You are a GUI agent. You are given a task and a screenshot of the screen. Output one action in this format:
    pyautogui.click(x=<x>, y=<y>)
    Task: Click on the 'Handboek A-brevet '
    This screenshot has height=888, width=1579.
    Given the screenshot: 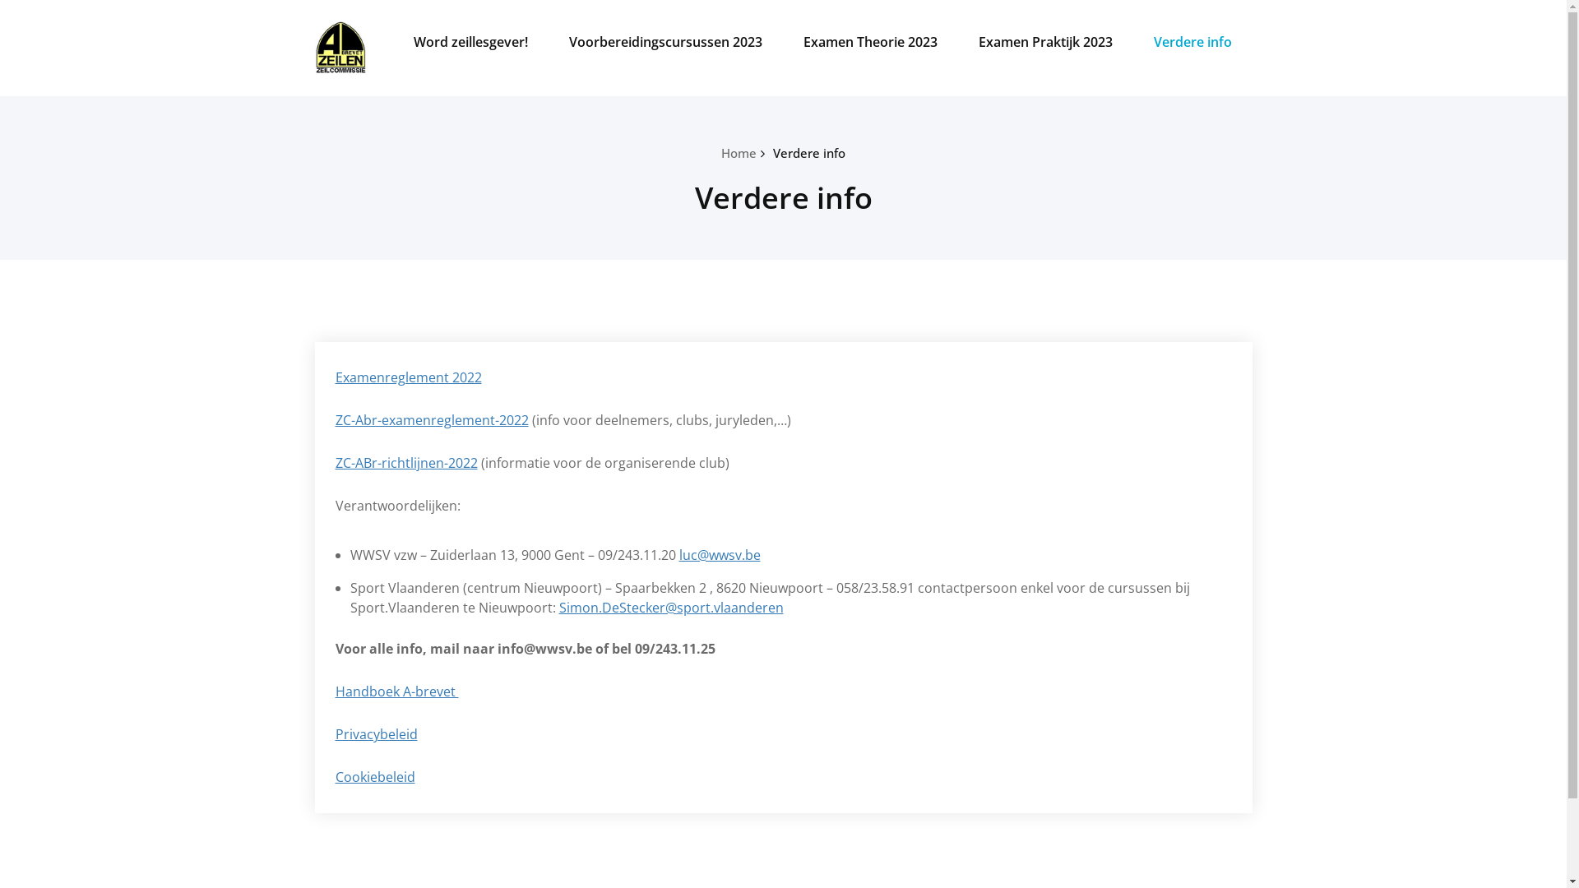 What is the action you would take?
    pyautogui.click(x=335, y=691)
    